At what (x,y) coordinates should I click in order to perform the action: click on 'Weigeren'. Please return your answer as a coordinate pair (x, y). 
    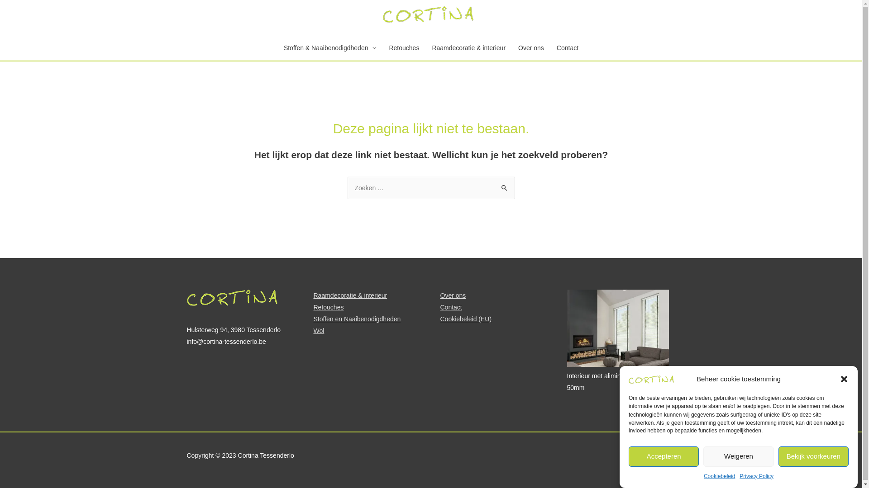
    Looking at the image, I should click on (738, 456).